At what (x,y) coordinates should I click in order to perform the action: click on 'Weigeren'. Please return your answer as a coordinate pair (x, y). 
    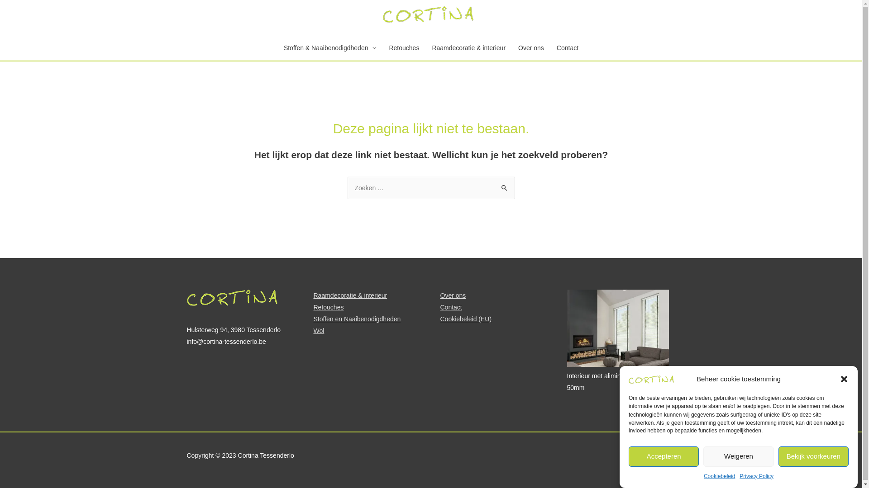
    Looking at the image, I should click on (738, 456).